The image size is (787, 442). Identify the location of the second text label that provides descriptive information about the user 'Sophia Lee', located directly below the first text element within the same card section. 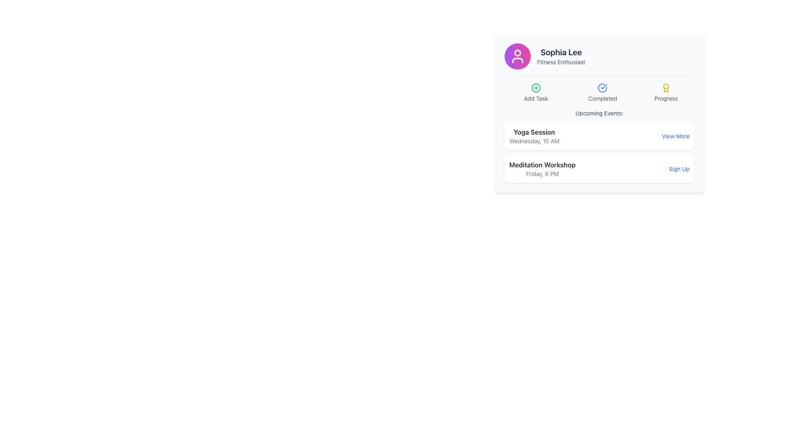
(561, 61).